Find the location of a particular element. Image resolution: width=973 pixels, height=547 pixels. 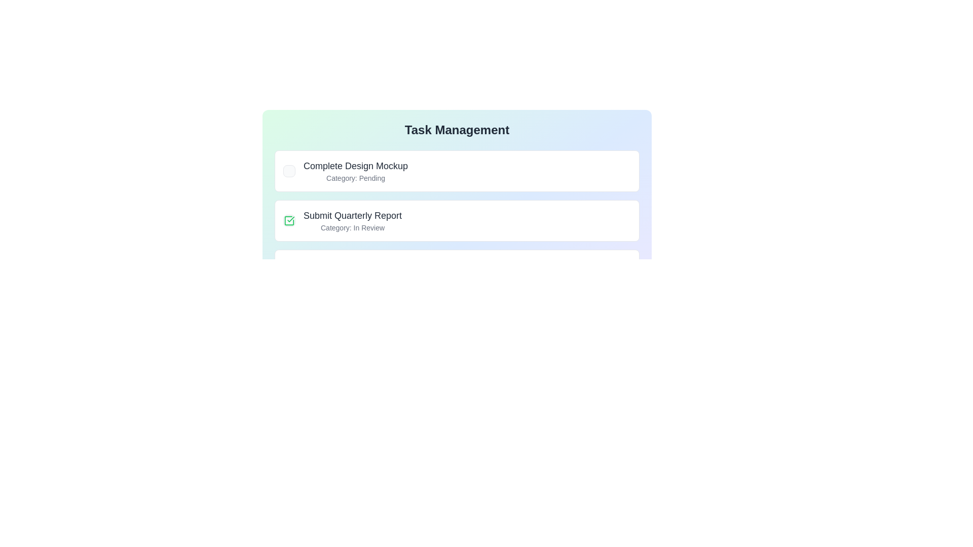

the text label displaying the title and status of the task located in the first task entry under 'Task Management', to the right of the circular checkbox and above 'Submit Quarterly Report' is located at coordinates (356, 171).